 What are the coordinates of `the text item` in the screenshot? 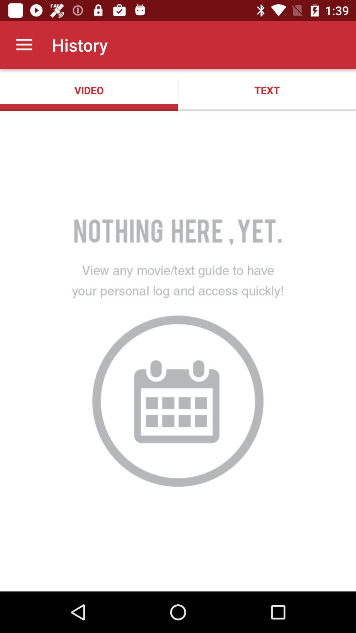 It's located at (267, 90).